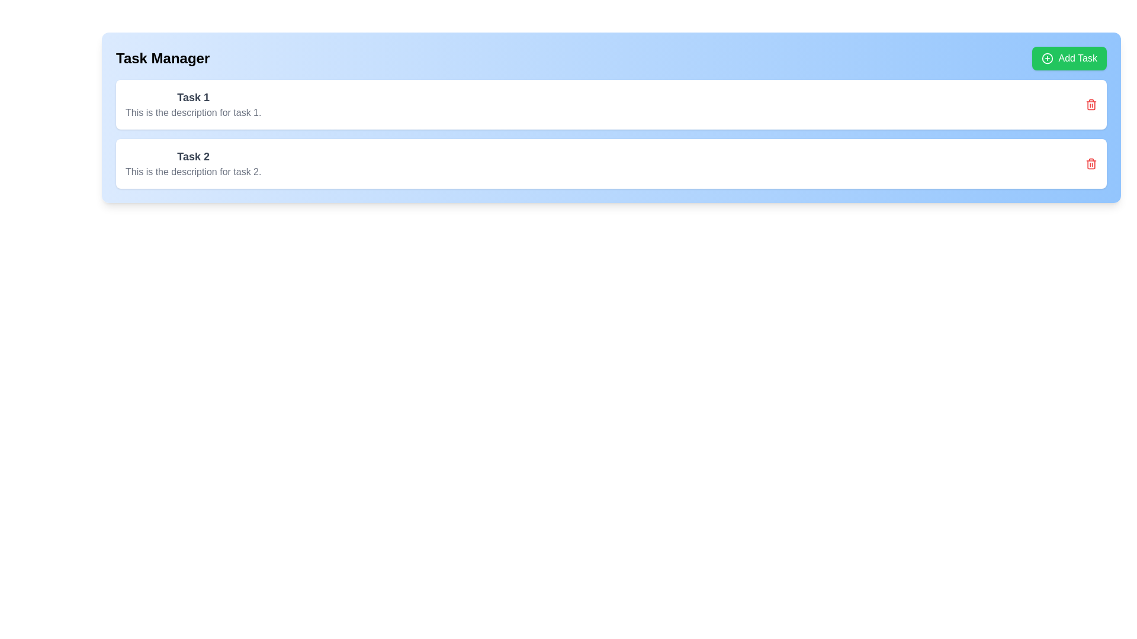 This screenshot has width=1137, height=639. I want to click on the delete icon button located at the far right of the task item's description area to activate the delete function, so click(1091, 104).